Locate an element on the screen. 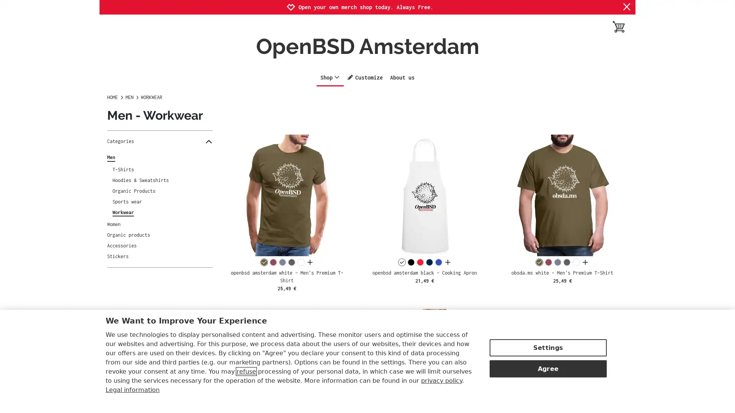 The image size is (735, 413). openbsd amsterdam white - Men's Premium T-Shirt is located at coordinates (286, 195).